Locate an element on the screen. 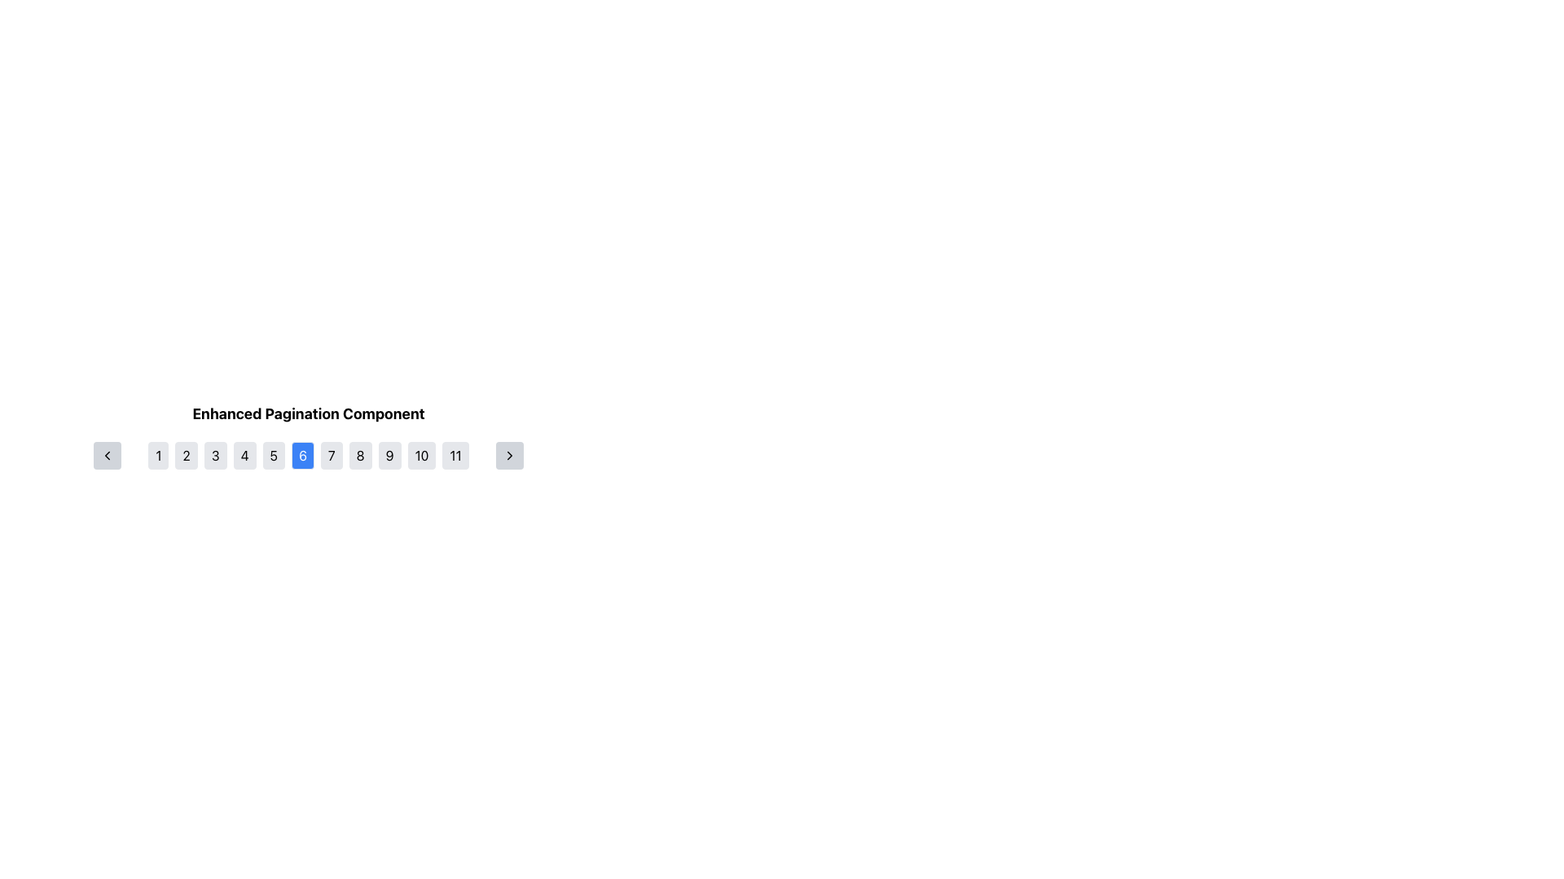  the chevron-right arrow icon in the pagination interface is located at coordinates (508, 455).